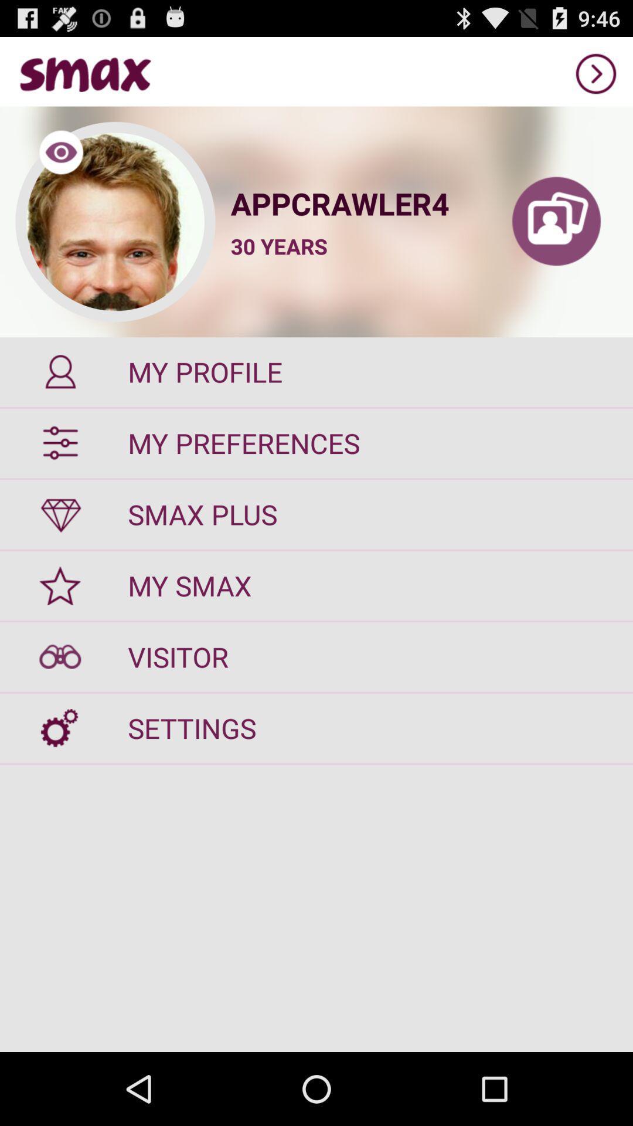 This screenshot has width=633, height=1126. What do you see at coordinates (279, 246) in the screenshot?
I see `the 30 years icon` at bounding box center [279, 246].